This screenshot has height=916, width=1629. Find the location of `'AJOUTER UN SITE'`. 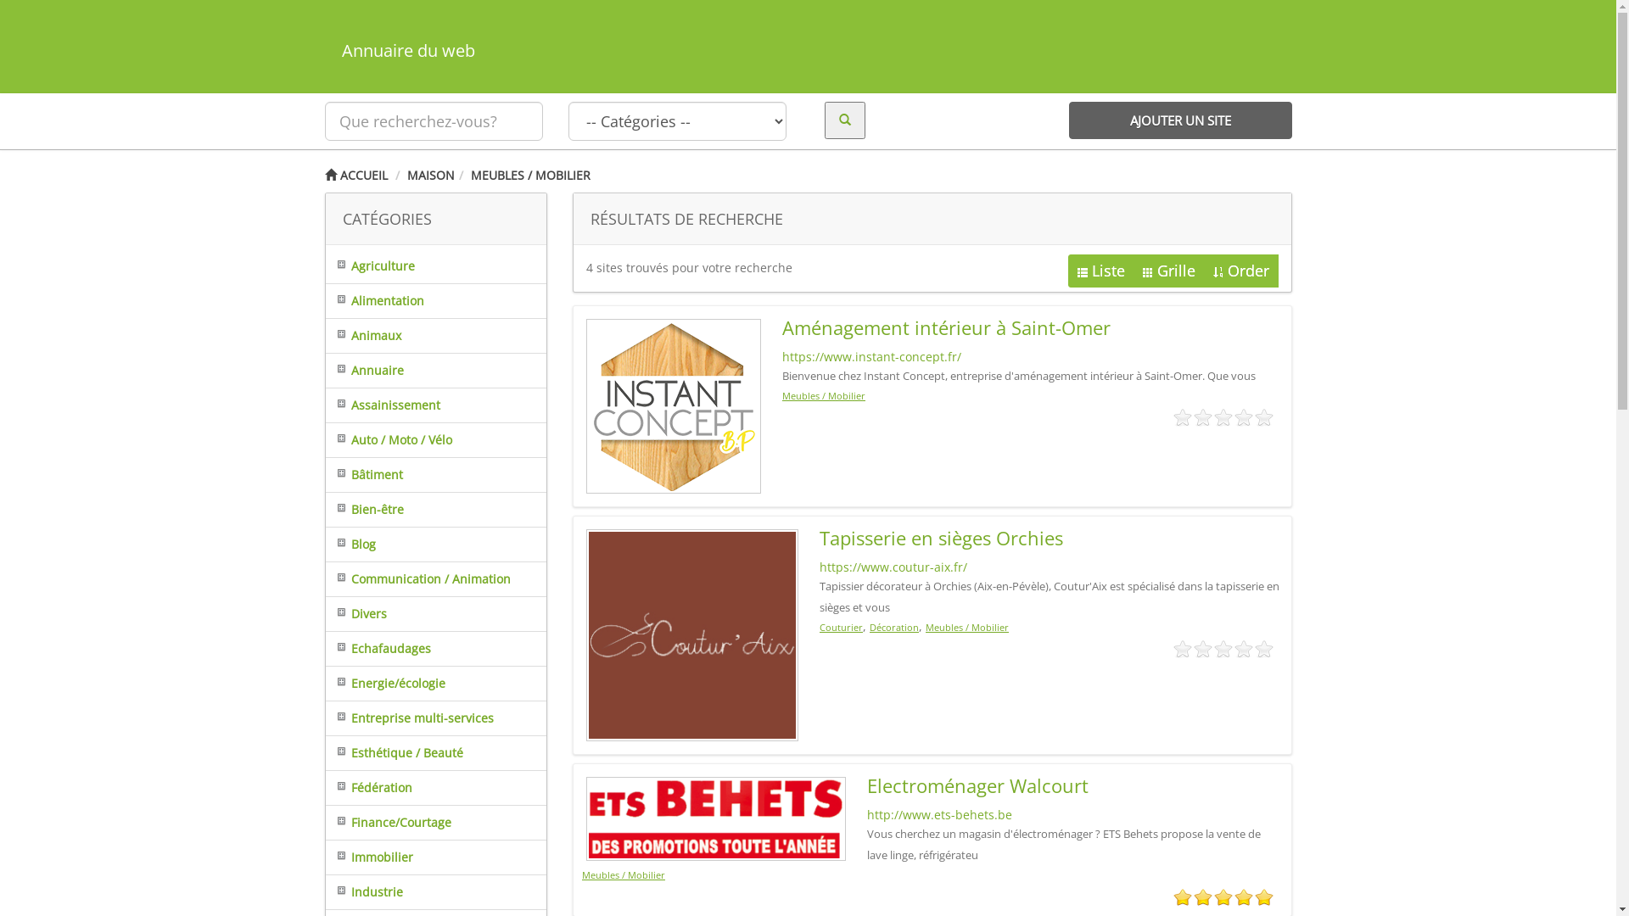

'AJOUTER UN SITE' is located at coordinates (1179, 120).